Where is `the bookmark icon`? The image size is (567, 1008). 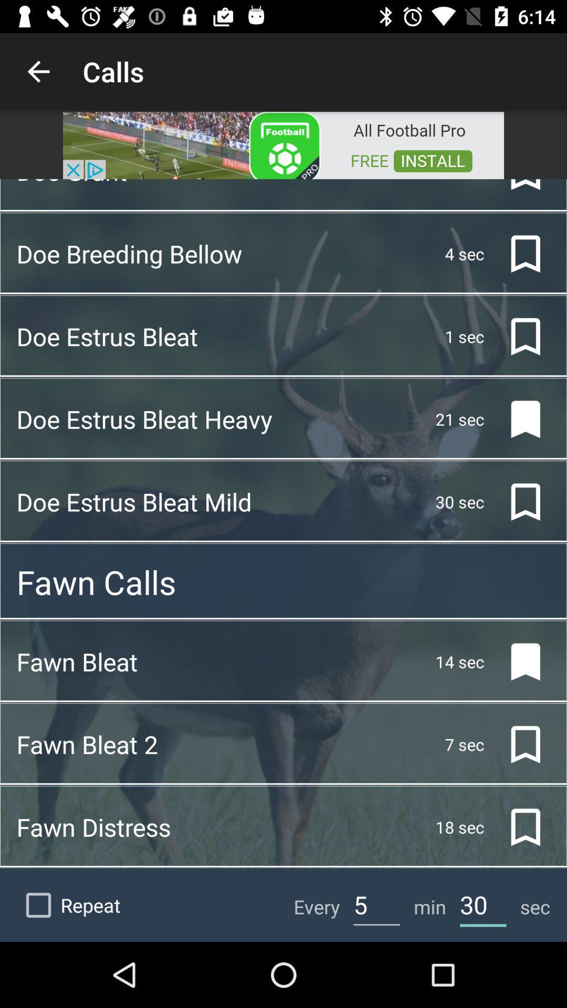
the bookmark icon is located at coordinates (517, 187).